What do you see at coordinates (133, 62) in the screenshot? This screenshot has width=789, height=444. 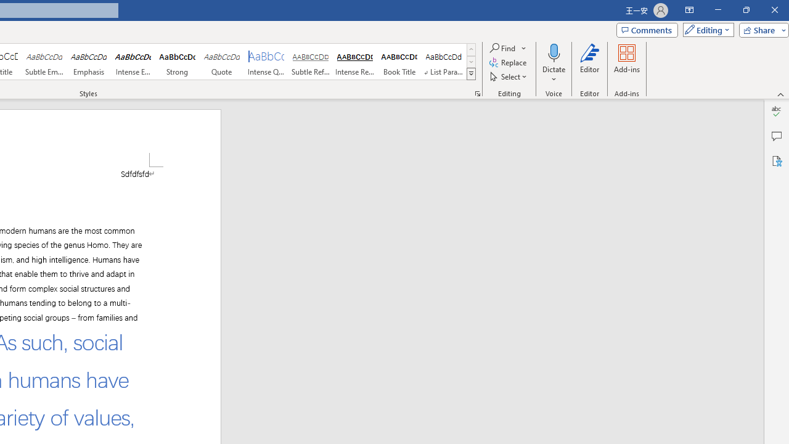 I see `'Intense Emphasis'` at bounding box center [133, 62].